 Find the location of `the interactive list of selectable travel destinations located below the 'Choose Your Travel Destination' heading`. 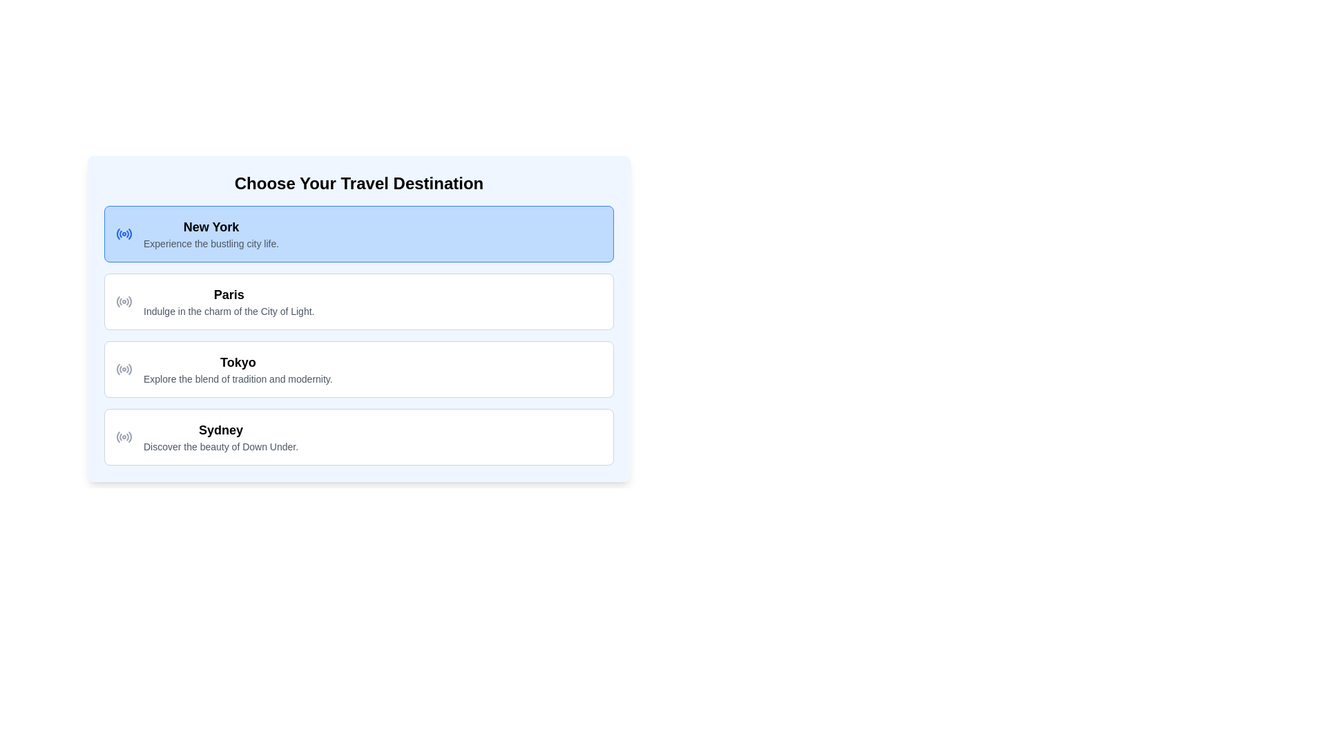

the interactive list of selectable travel destinations located below the 'Choose Your Travel Destination' heading is located at coordinates (358, 336).